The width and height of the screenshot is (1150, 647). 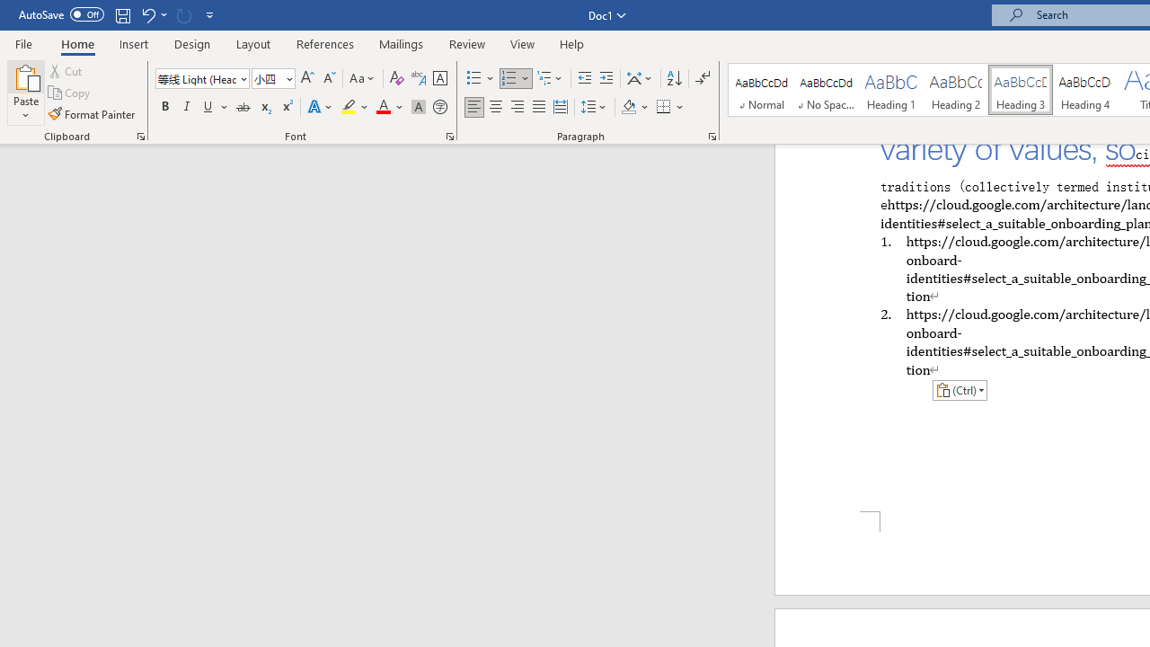 What do you see at coordinates (711, 135) in the screenshot?
I see `'Paragraph...'` at bounding box center [711, 135].